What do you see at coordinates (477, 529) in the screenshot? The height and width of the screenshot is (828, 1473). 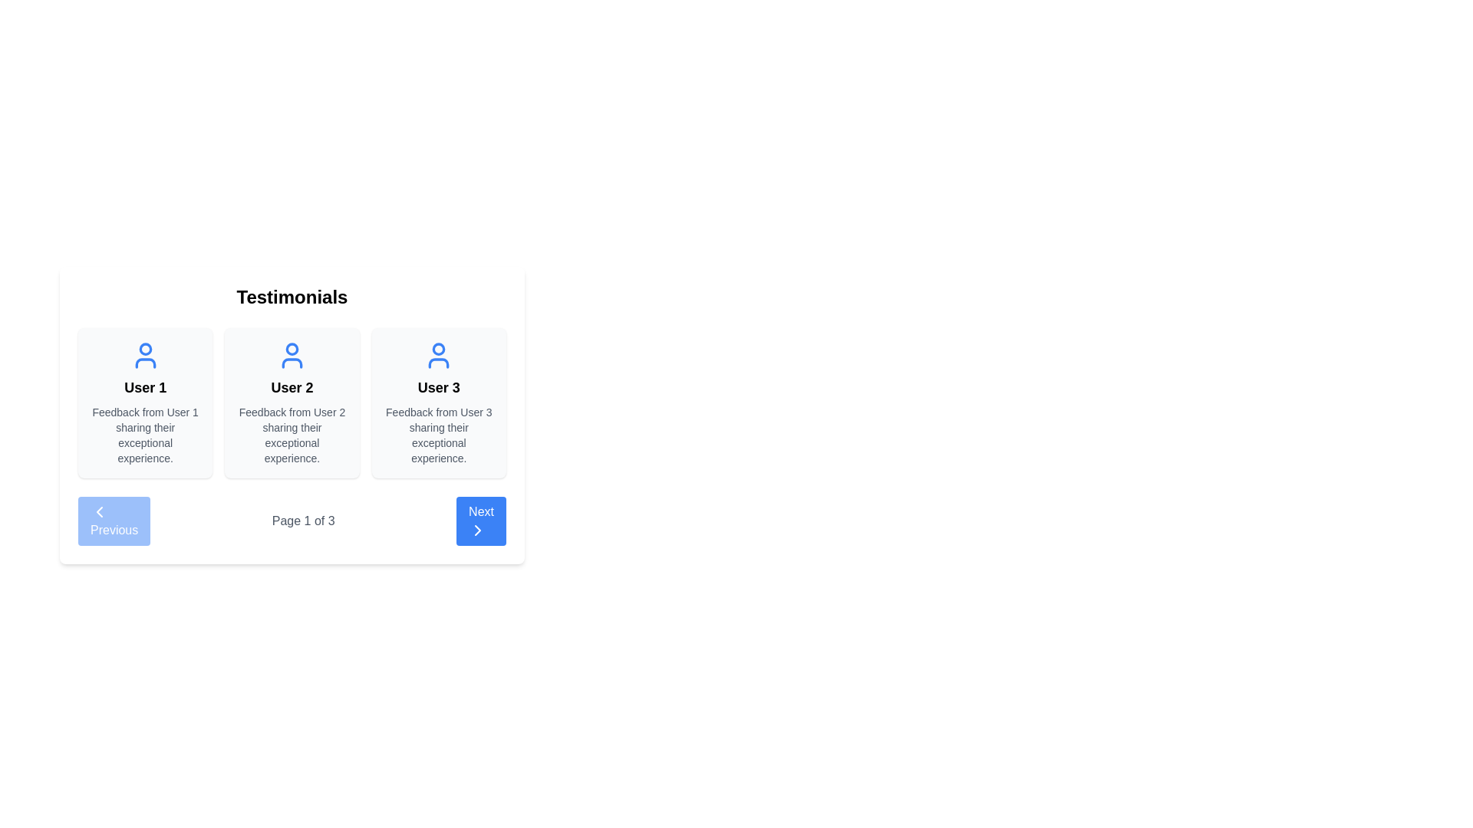 I see `the chevron arrow icon pointing to the right, located inside the 'Next' button at the bottom-right corner of the interface` at bounding box center [477, 529].